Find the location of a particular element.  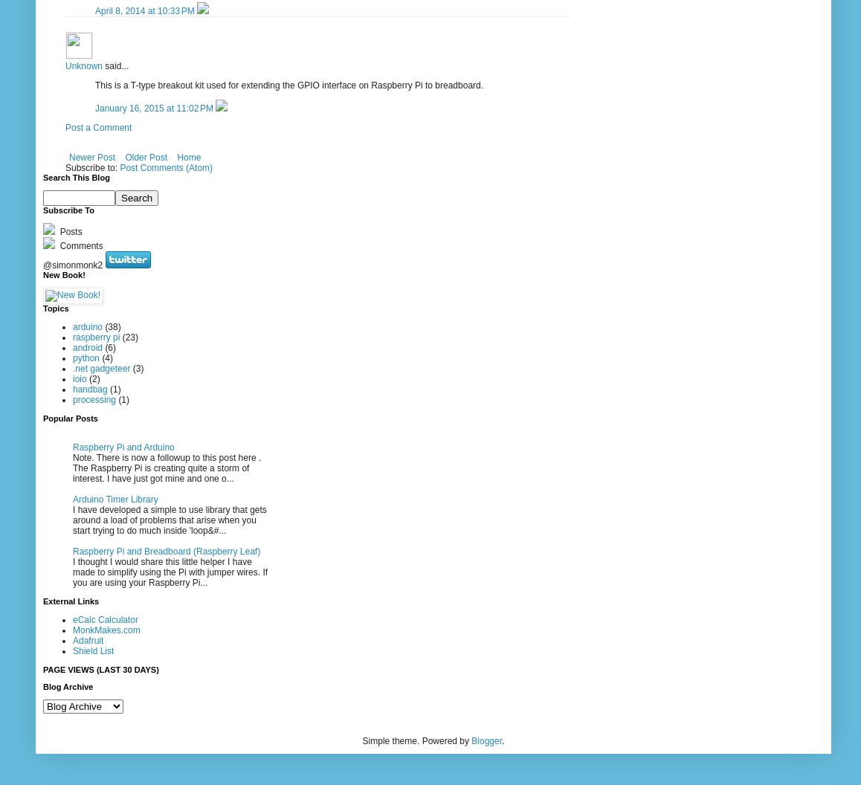

'ioio' is located at coordinates (79, 377).